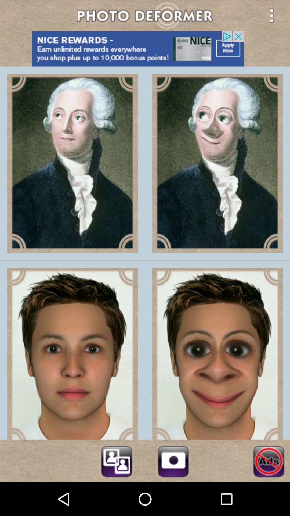  I want to click on deform the photo, so click(116, 460).